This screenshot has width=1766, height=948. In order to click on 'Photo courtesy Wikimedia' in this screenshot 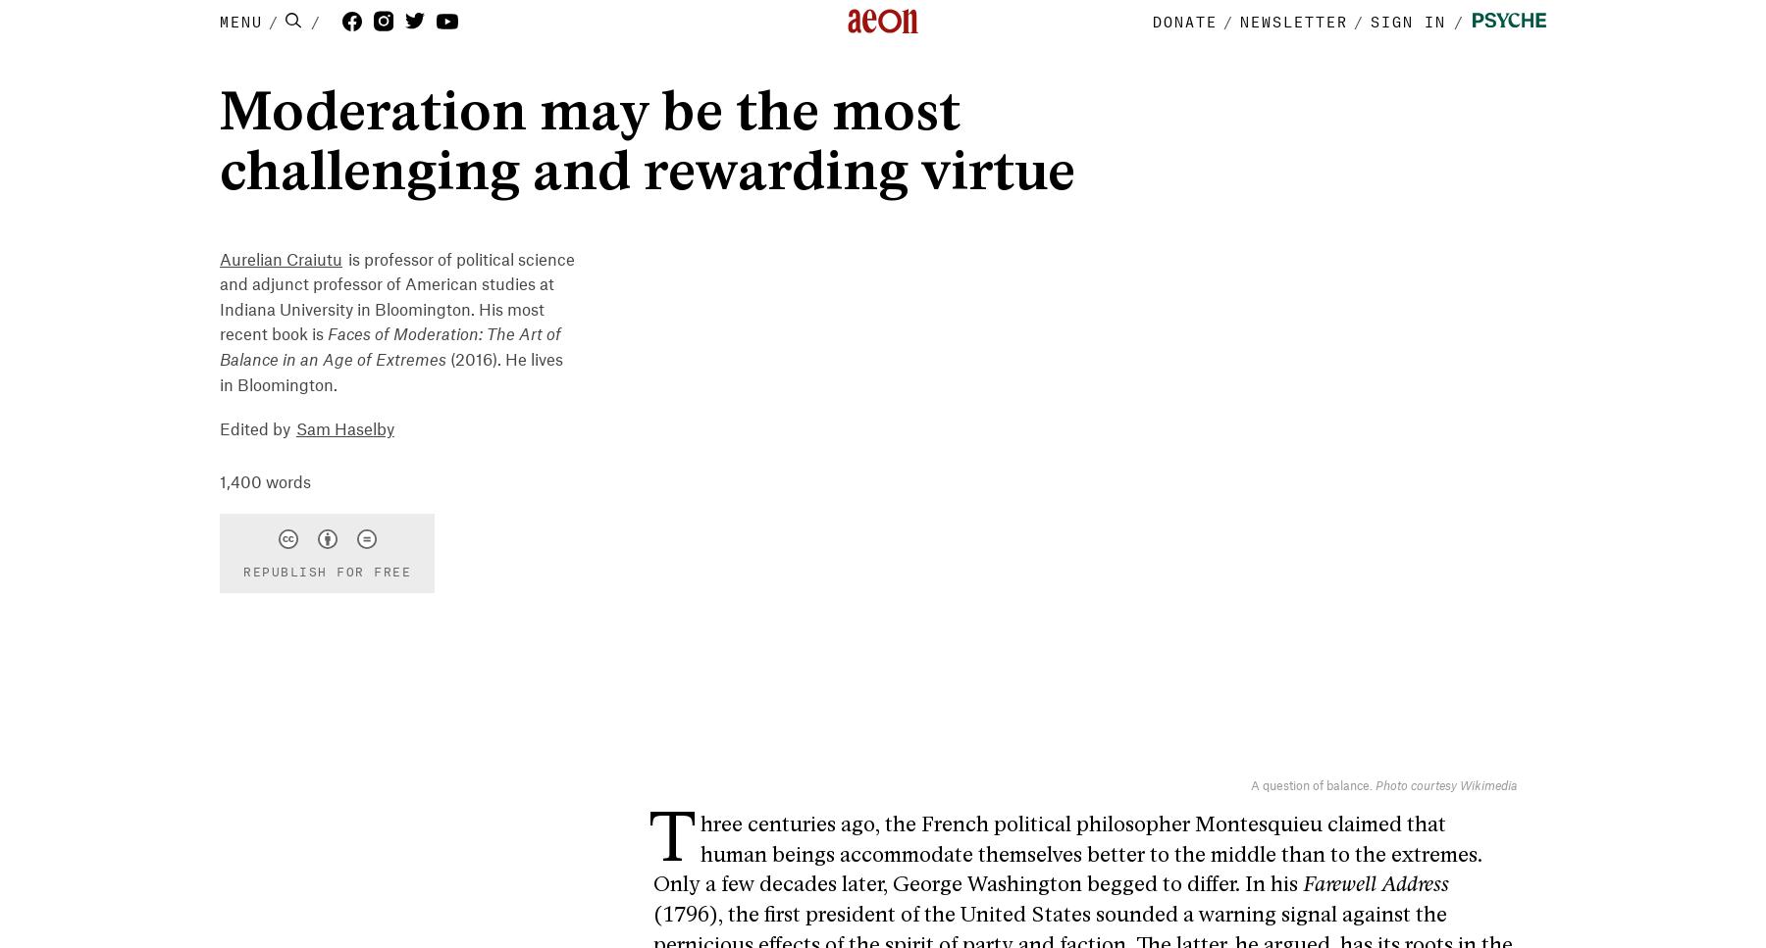, I will do `click(1446, 783)`.